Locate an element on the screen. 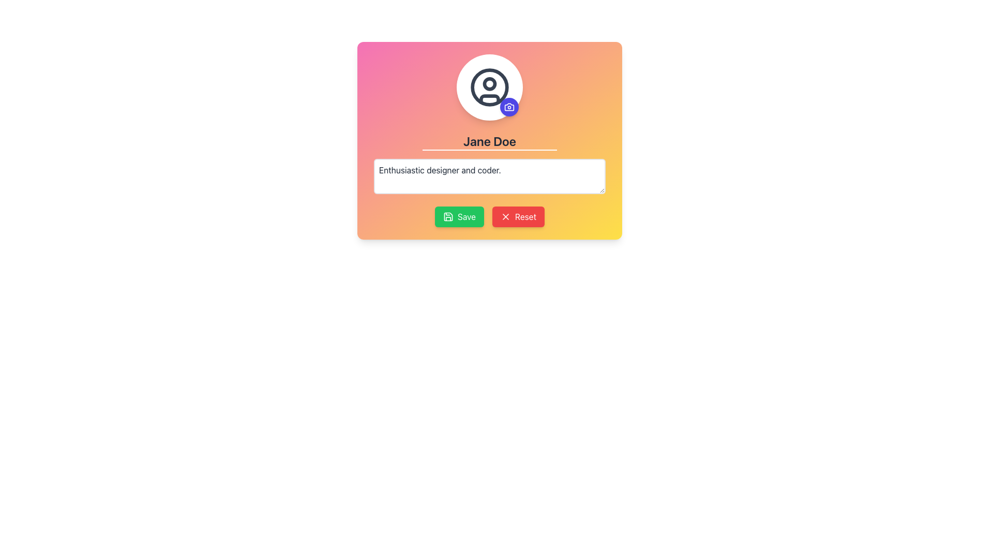  the green 'Save' button with rounded edges to observe its hover effect is located at coordinates (459, 216).